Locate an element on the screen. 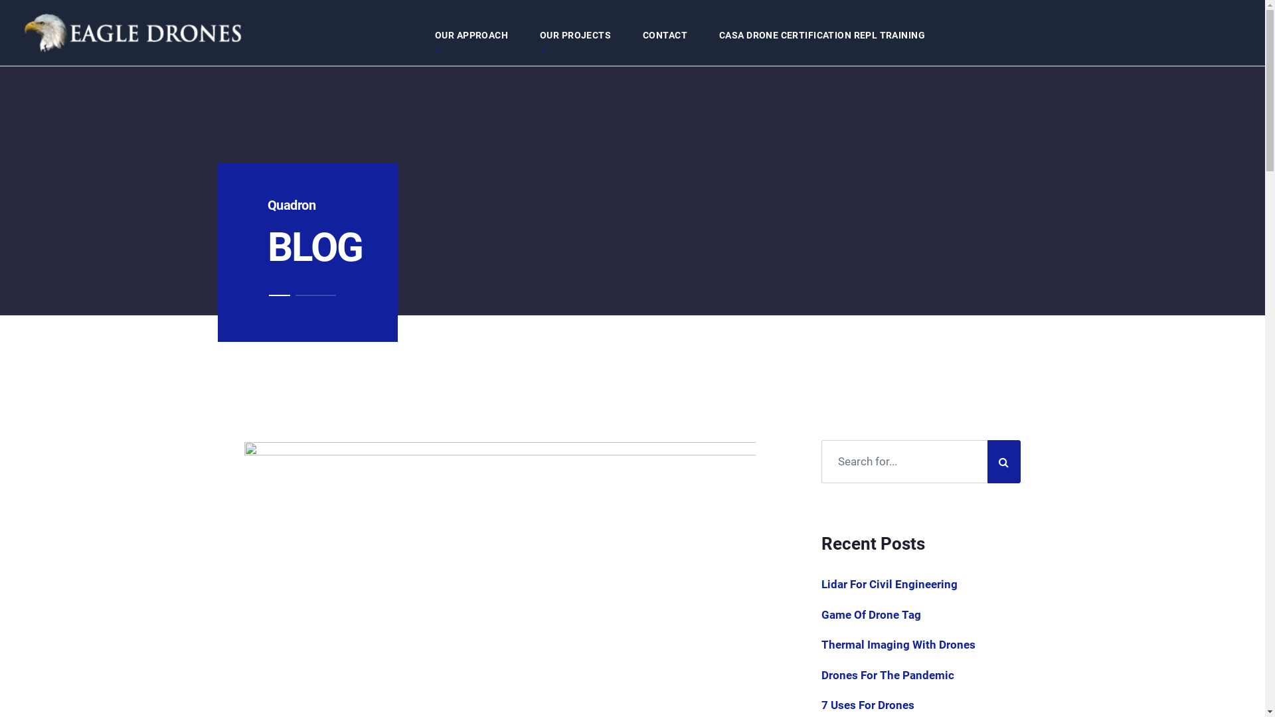 The width and height of the screenshot is (1275, 717). 'OUR PROJECTS' is located at coordinates (523, 35).